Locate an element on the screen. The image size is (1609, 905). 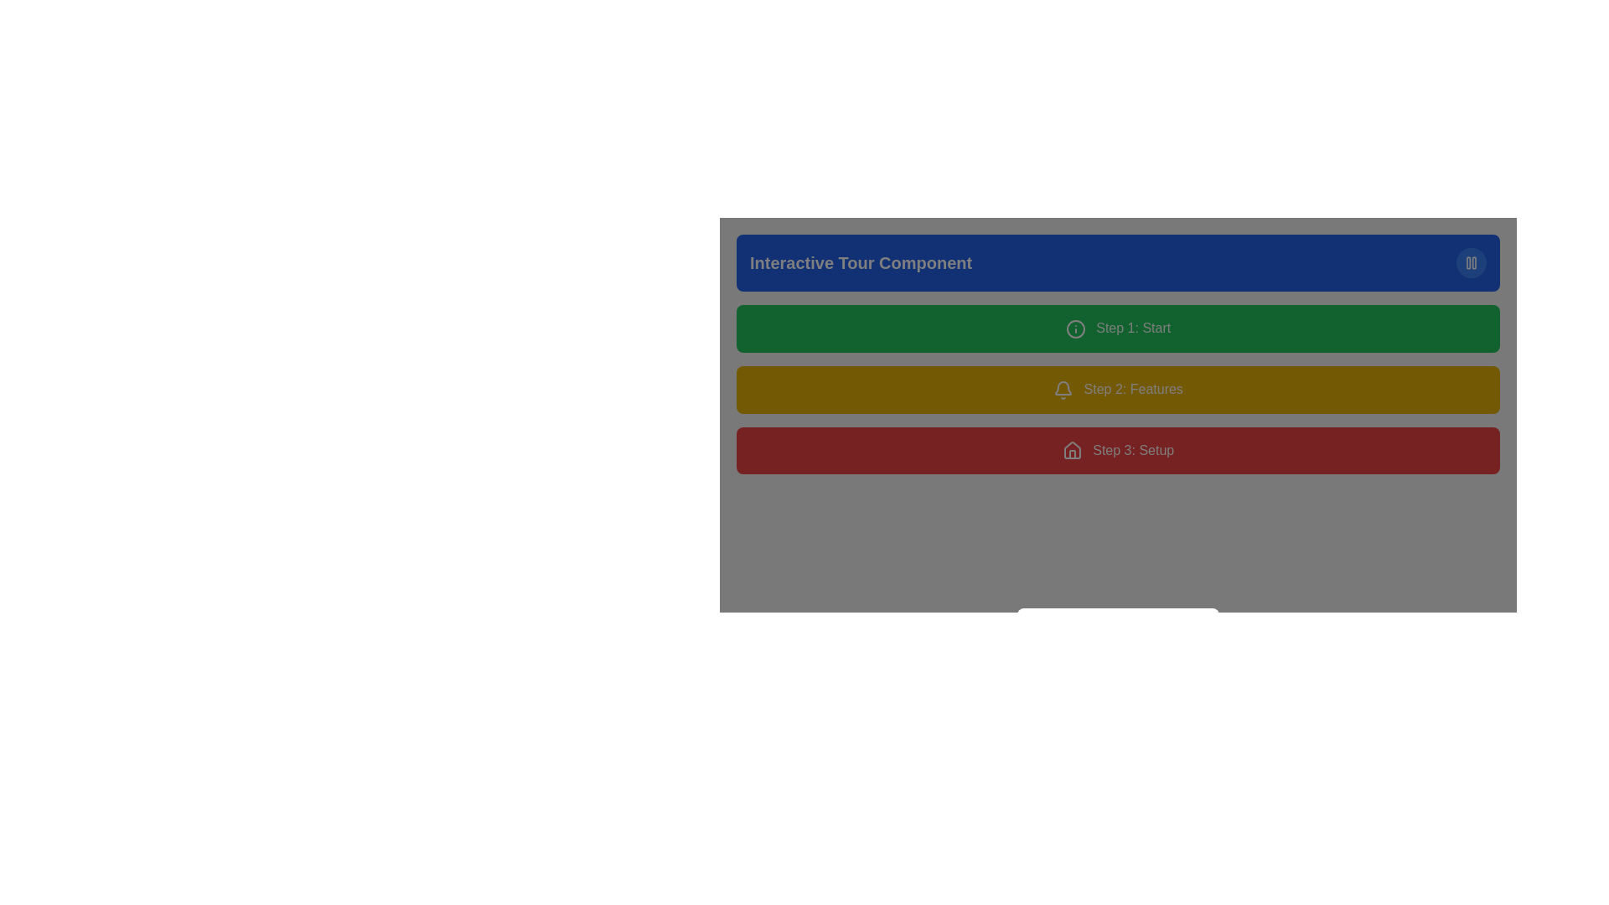
the notification or alert icon in the horizontal menu of 'Step 2: Features' is located at coordinates (1063, 387).